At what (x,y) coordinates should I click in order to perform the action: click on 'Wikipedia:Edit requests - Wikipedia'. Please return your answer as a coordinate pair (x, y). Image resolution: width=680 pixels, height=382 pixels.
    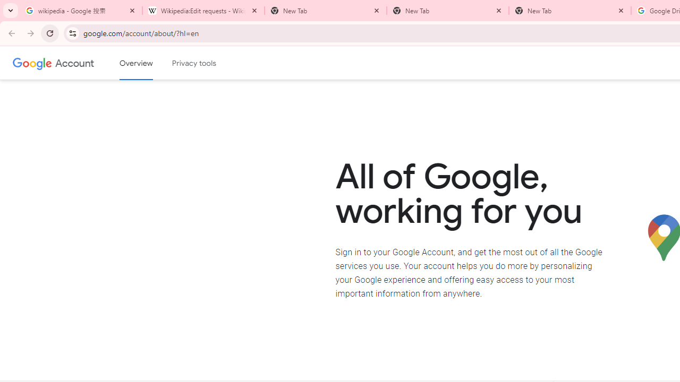
    Looking at the image, I should click on (203, 11).